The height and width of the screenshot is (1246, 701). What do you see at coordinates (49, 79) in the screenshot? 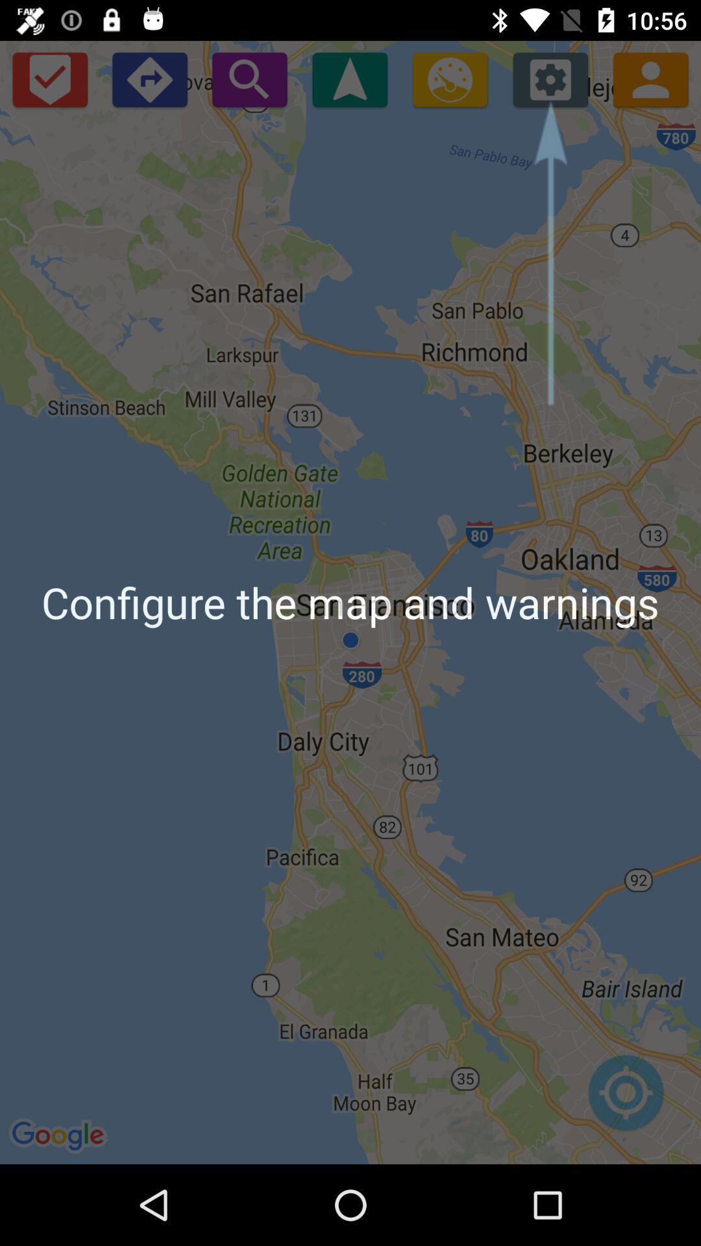
I see `the check icon` at bounding box center [49, 79].